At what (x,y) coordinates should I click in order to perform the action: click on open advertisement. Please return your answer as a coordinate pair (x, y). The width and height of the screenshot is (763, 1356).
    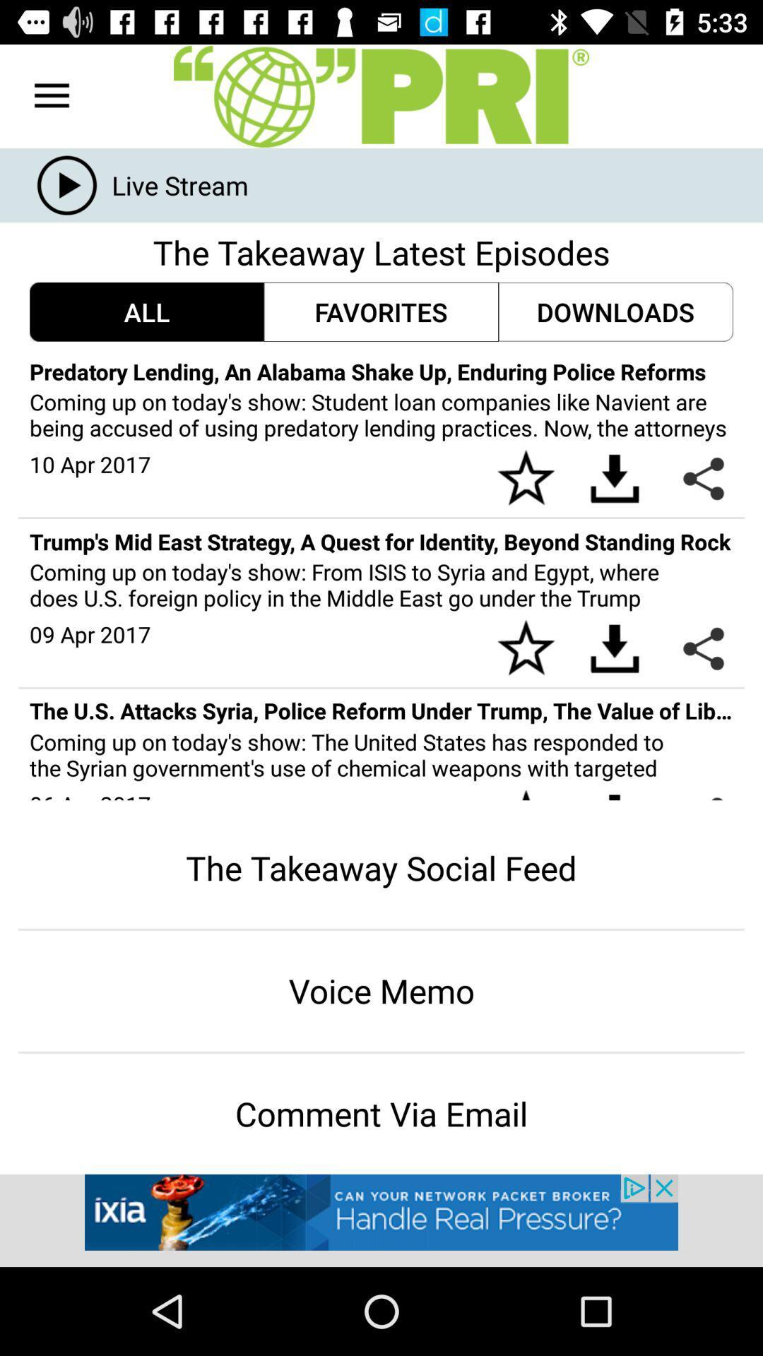
    Looking at the image, I should click on (381, 1220).